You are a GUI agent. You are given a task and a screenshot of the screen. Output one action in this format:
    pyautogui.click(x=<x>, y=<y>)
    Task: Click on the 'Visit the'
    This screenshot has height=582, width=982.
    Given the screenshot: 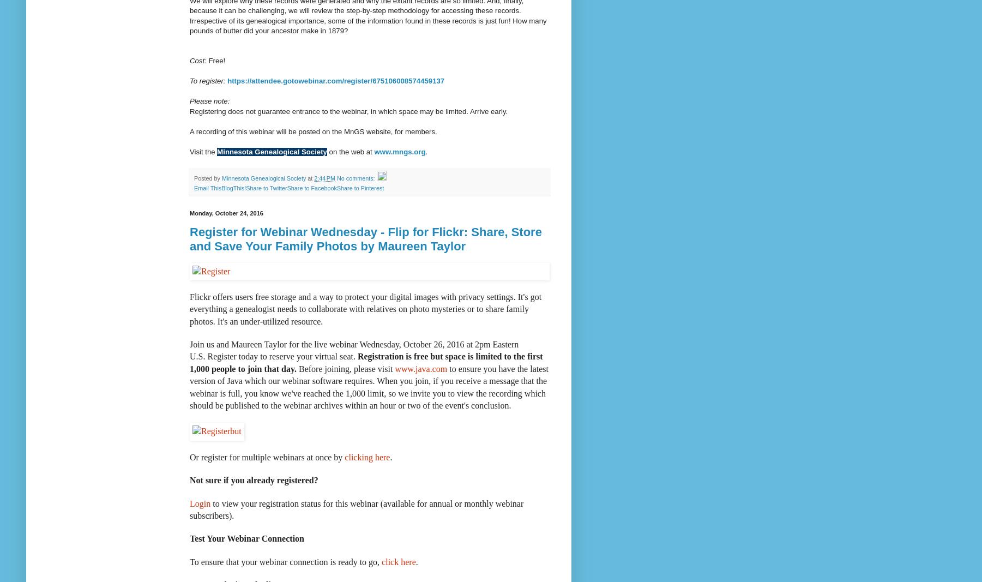 What is the action you would take?
    pyautogui.click(x=203, y=151)
    